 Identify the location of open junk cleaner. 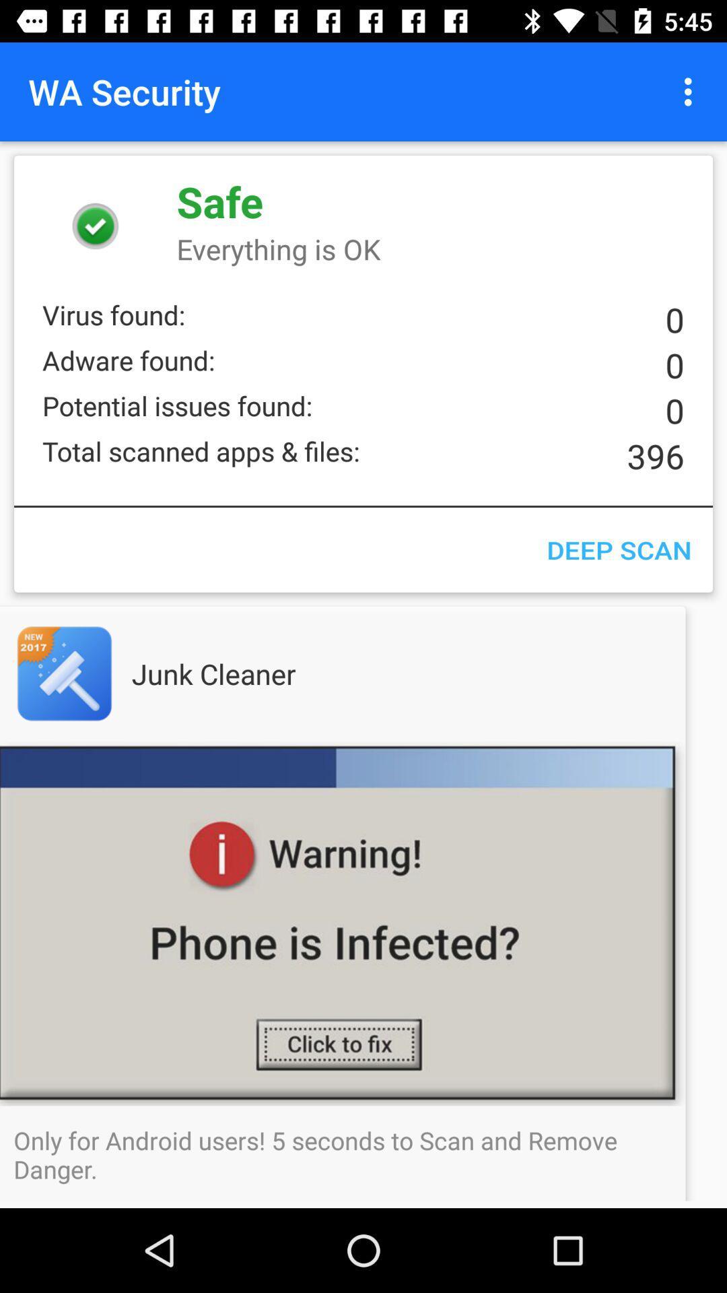
(363, 923).